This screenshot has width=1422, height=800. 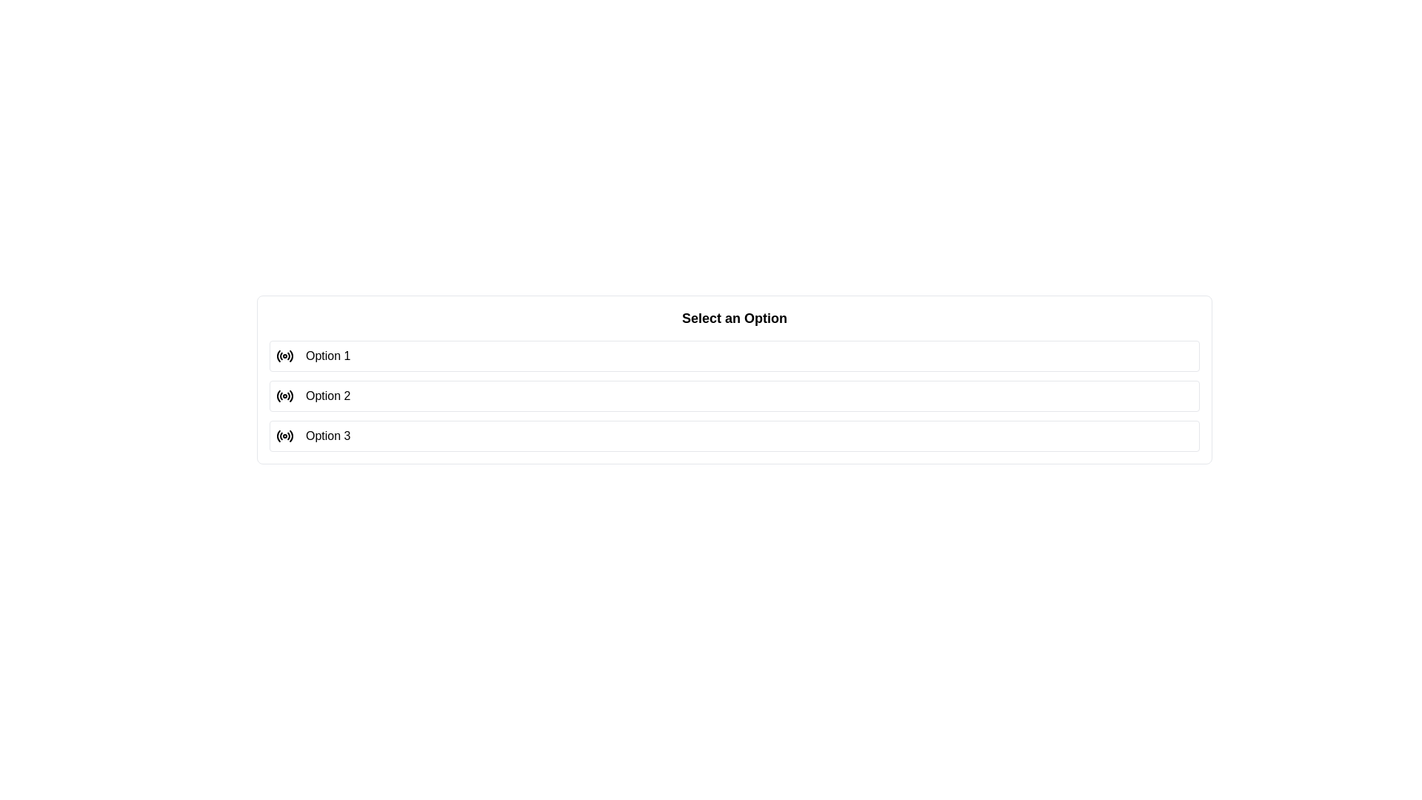 What do you see at coordinates (735, 396) in the screenshot?
I see `the 'Option 2' button, which is the second item in a vertical stack of options` at bounding box center [735, 396].